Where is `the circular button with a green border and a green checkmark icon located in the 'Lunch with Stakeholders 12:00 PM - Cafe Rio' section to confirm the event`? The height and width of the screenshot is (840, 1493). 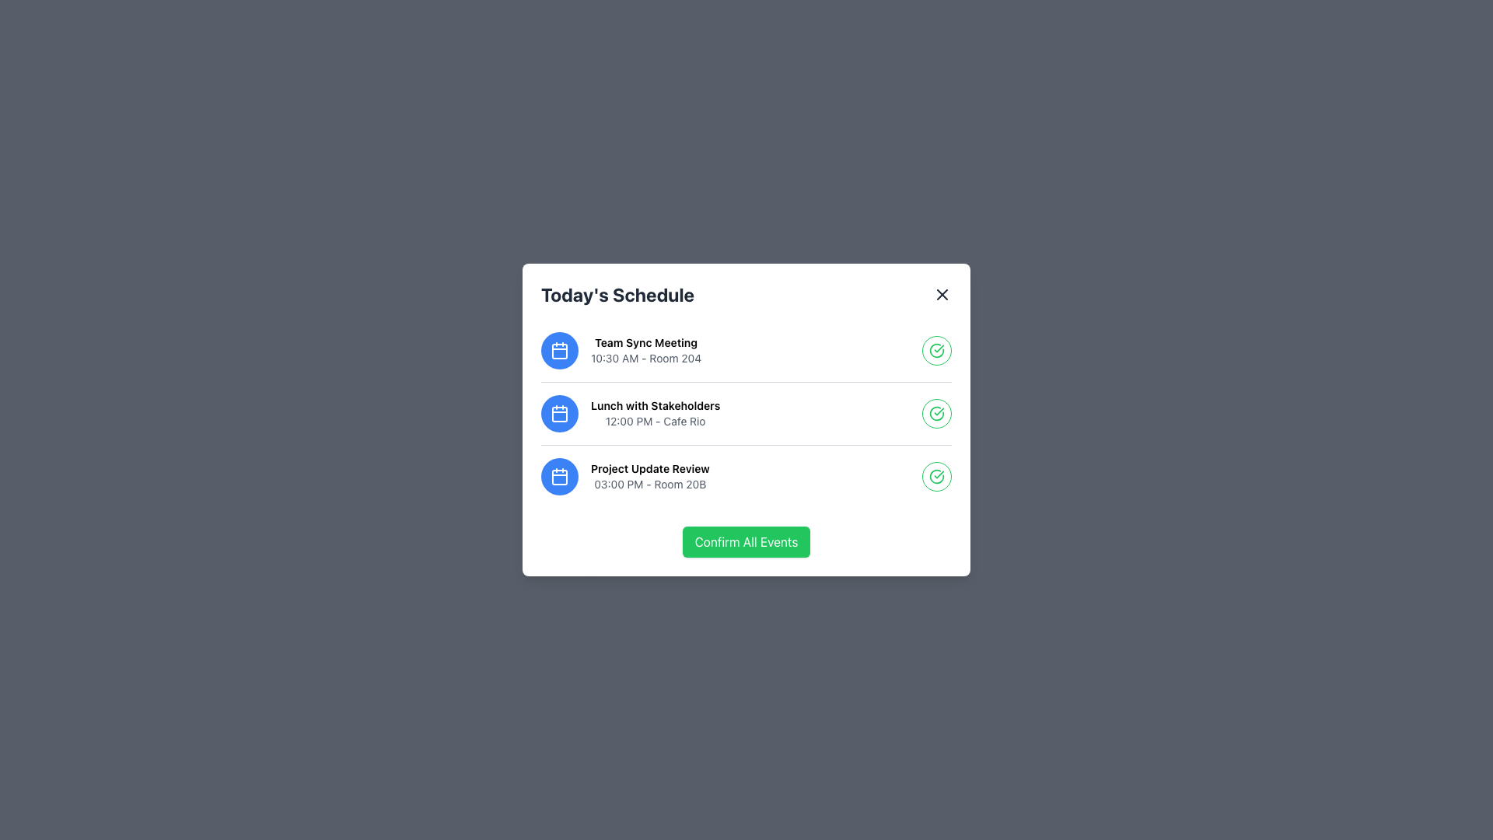
the circular button with a green border and a green checkmark icon located in the 'Lunch with Stakeholders 12:00 PM - Cafe Rio' section to confirm the event is located at coordinates (935, 413).